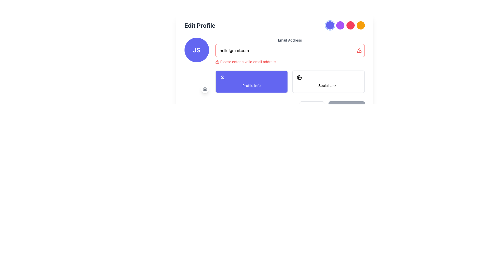  I want to click on the second circular icon from the left in the group of four colored circular icons (indigo, purple, rose, amber), so click(345, 25).